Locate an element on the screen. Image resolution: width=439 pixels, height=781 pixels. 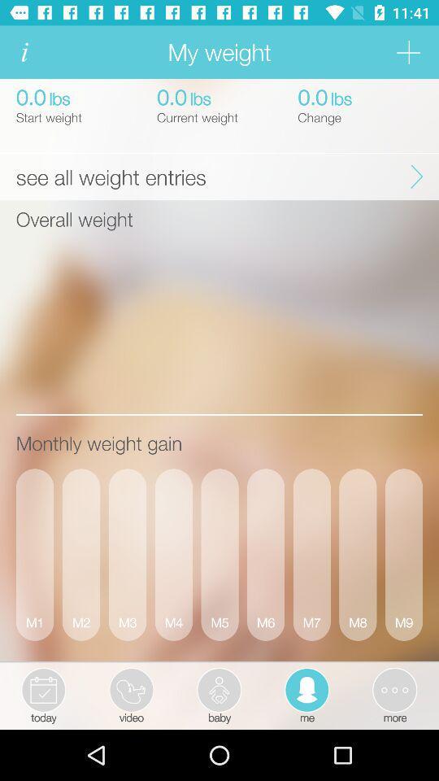
icon above the 0.0 app is located at coordinates (24, 52).